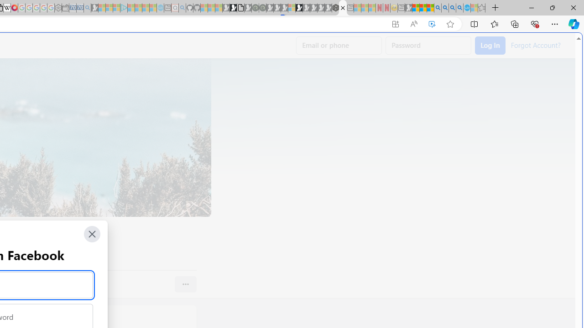  Describe the element at coordinates (535, 45) in the screenshot. I see `'Forgot Account?'` at that location.